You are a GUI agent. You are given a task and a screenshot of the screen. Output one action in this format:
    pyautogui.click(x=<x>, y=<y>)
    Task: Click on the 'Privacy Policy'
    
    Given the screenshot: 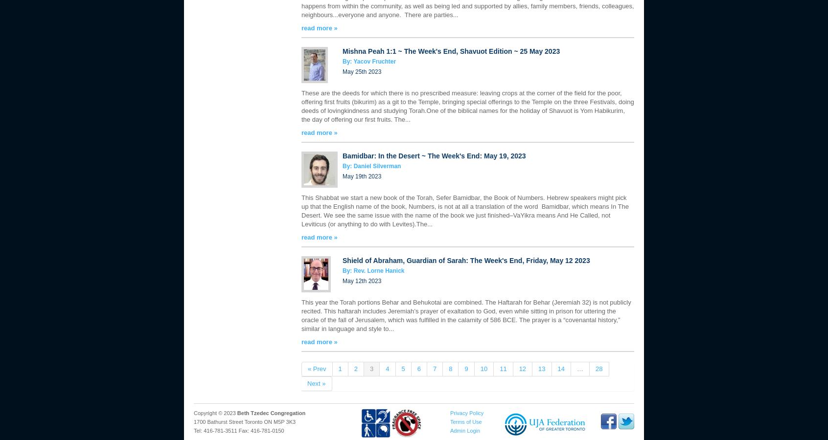 What is the action you would take?
    pyautogui.click(x=466, y=413)
    